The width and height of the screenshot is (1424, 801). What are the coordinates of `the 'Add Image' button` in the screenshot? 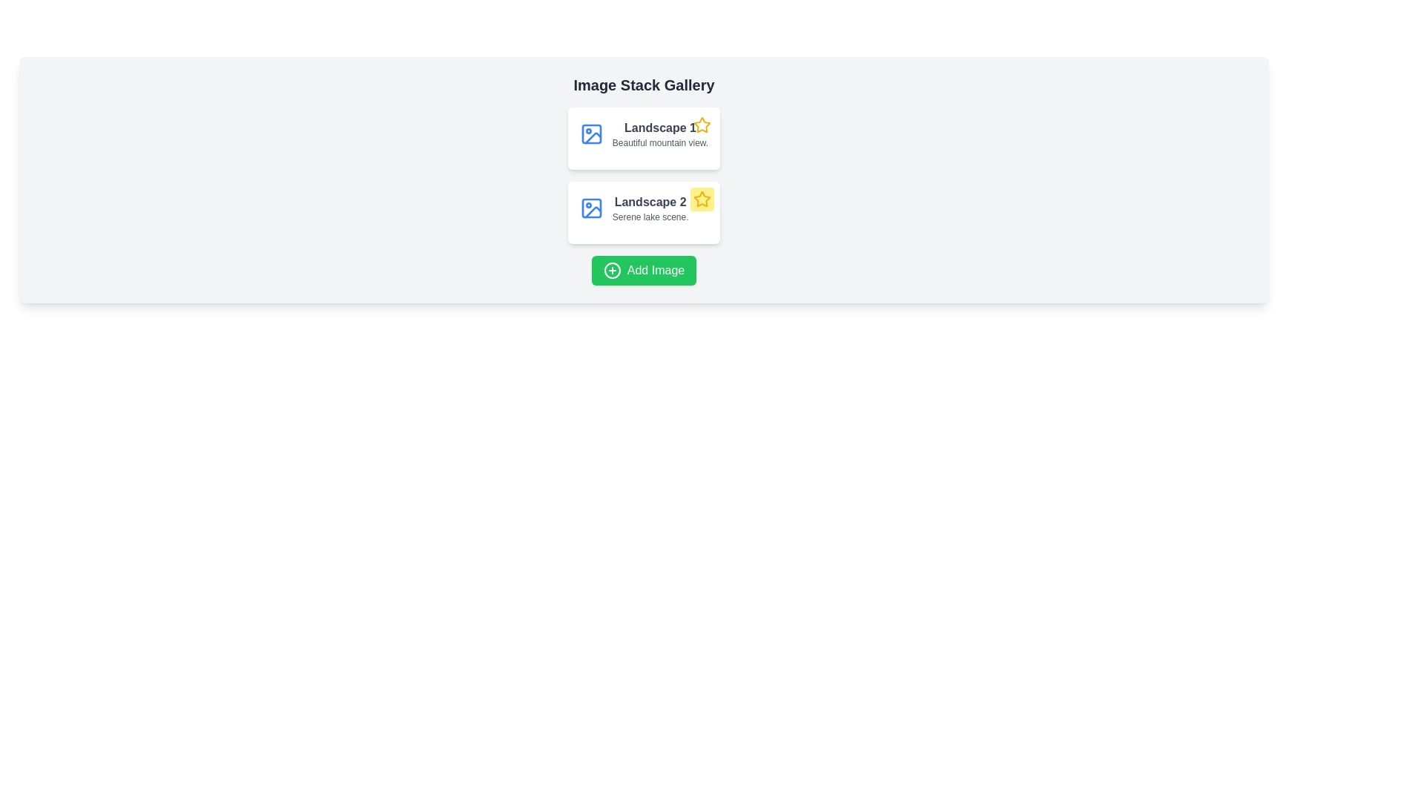 It's located at (644, 271).